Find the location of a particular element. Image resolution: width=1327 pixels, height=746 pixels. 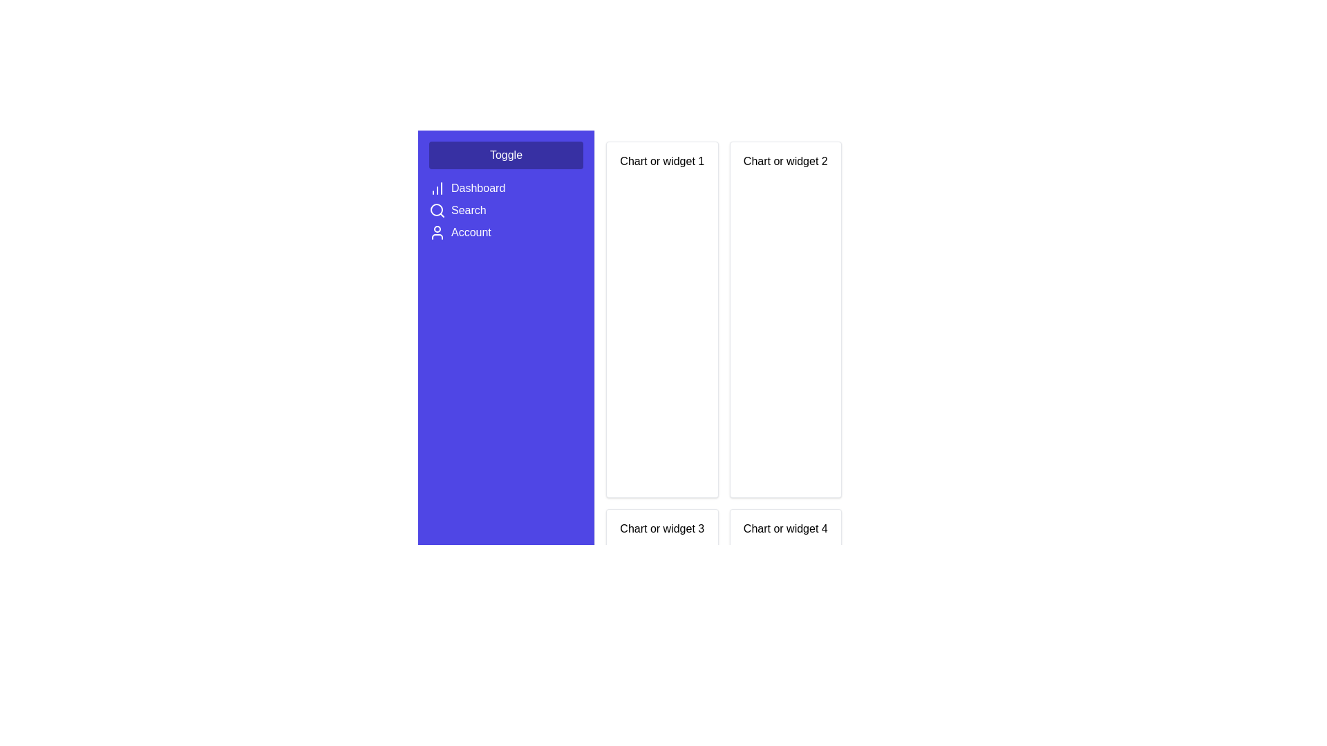

the user profile icon located to the left of the 'Account' text is located at coordinates (437, 231).